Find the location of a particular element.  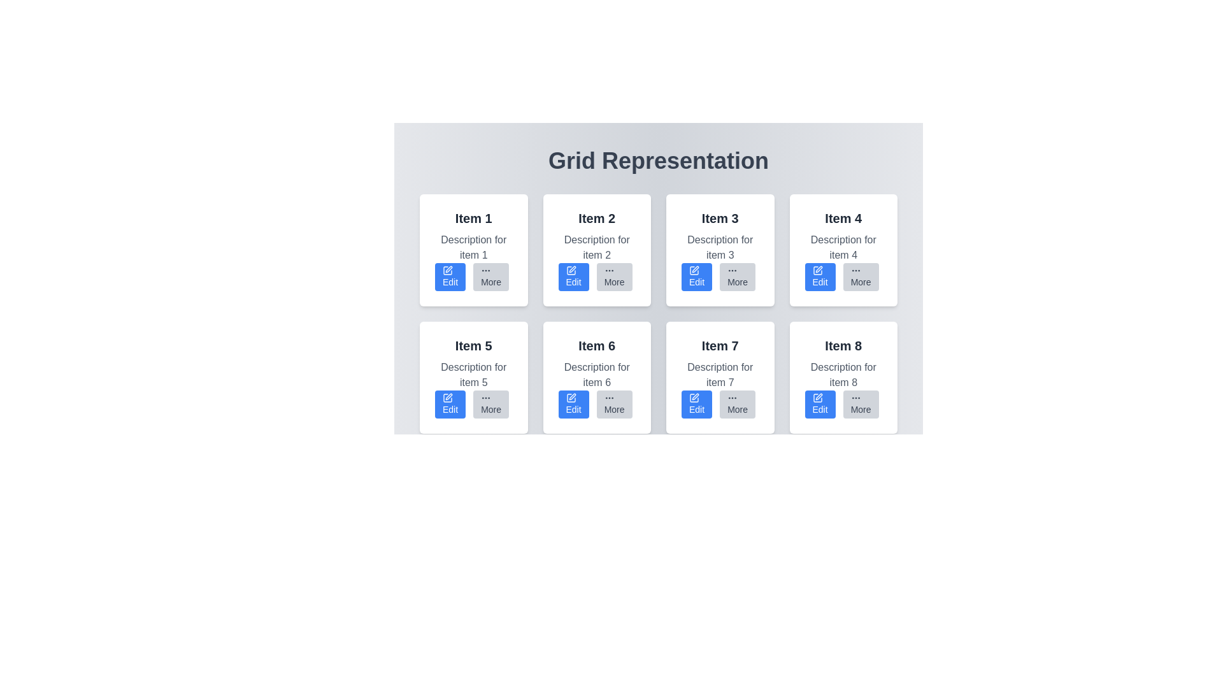

the text element displaying 'Description for item 2', which is located below the header 'Item 2' in the card layout is located at coordinates (596, 248).